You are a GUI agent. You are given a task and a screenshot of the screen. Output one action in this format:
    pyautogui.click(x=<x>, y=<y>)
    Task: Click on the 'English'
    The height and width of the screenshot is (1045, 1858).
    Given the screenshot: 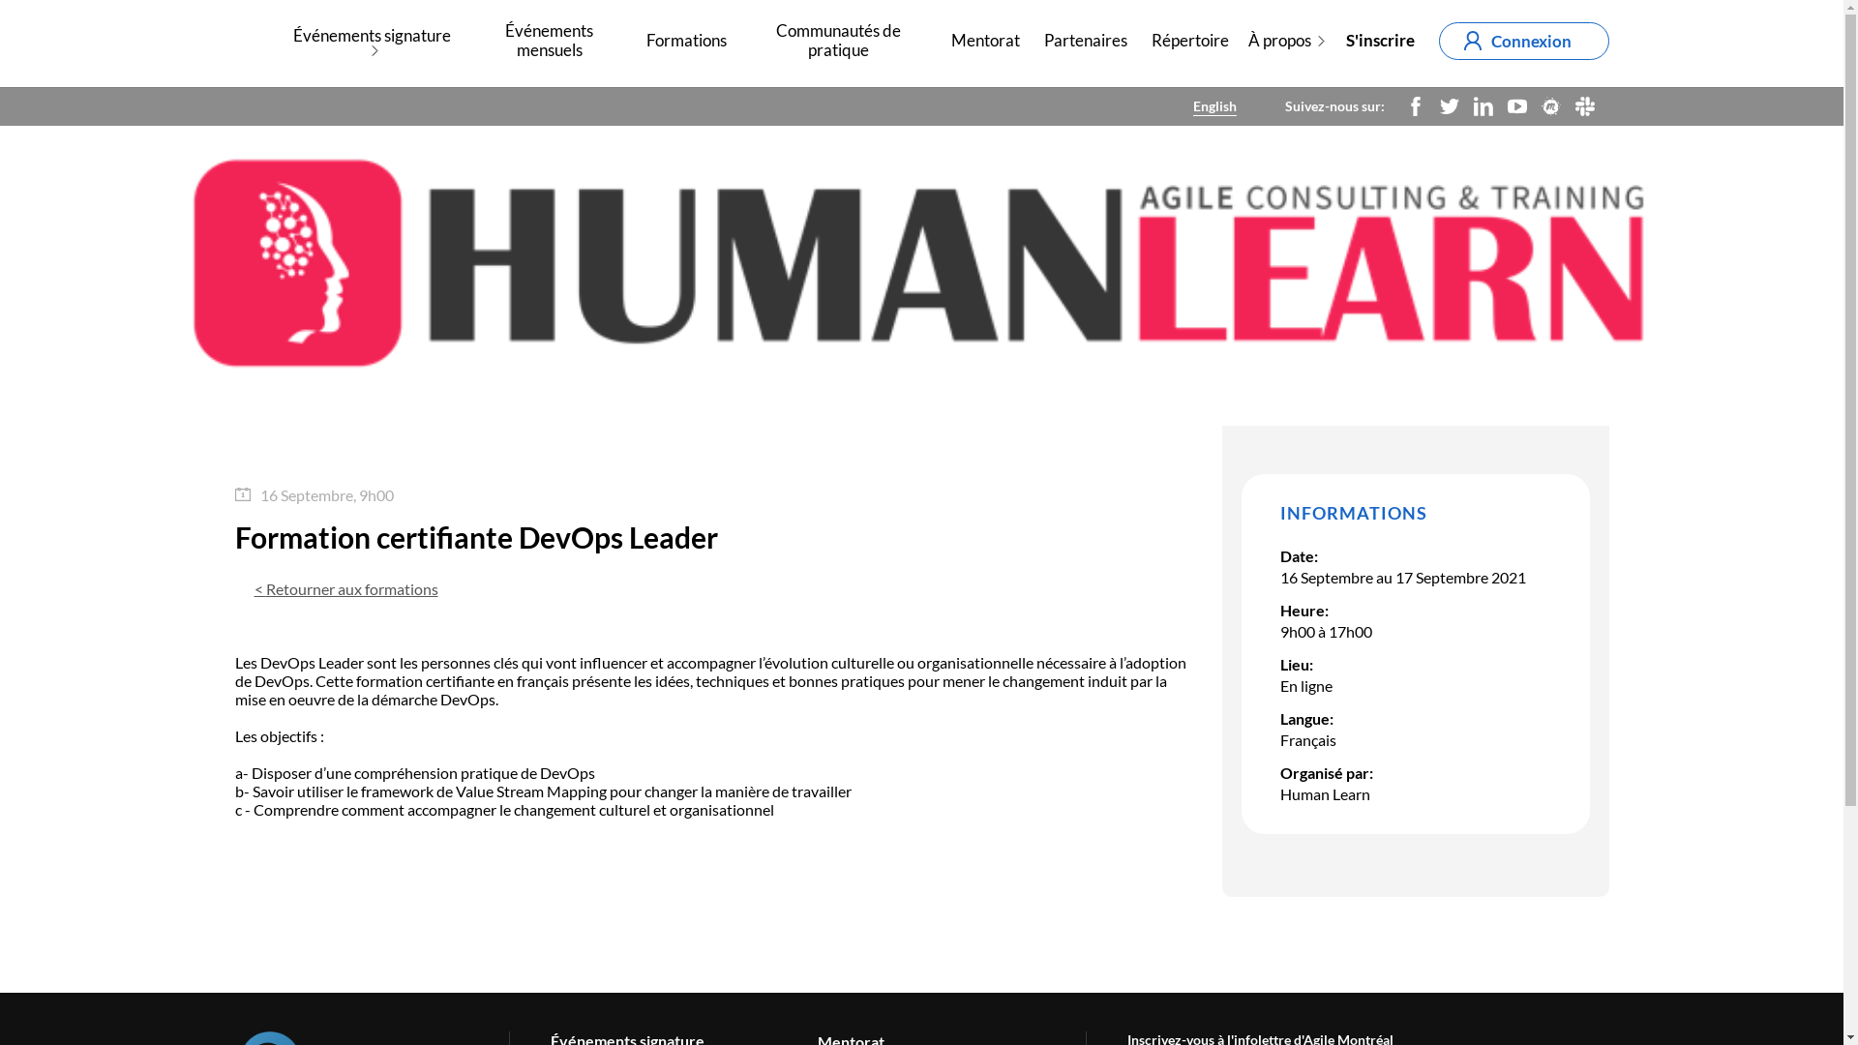 What is the action you would take?
    pyautogui.click(x=1213, y=105)
    